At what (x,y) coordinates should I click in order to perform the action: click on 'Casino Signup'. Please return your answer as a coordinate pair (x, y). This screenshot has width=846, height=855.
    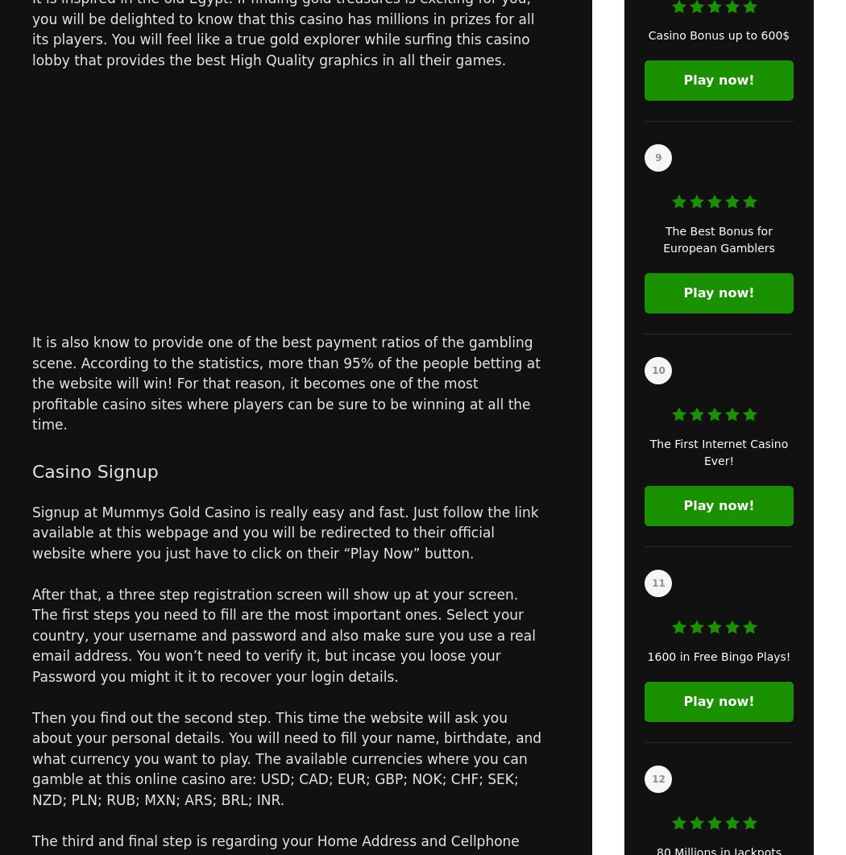
    Looking at the image, I should click on (31, 471).